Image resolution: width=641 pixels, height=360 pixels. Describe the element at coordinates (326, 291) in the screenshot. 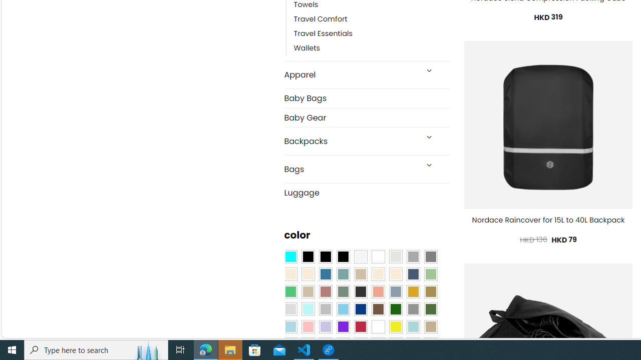

I see `'Rose'` at that location.